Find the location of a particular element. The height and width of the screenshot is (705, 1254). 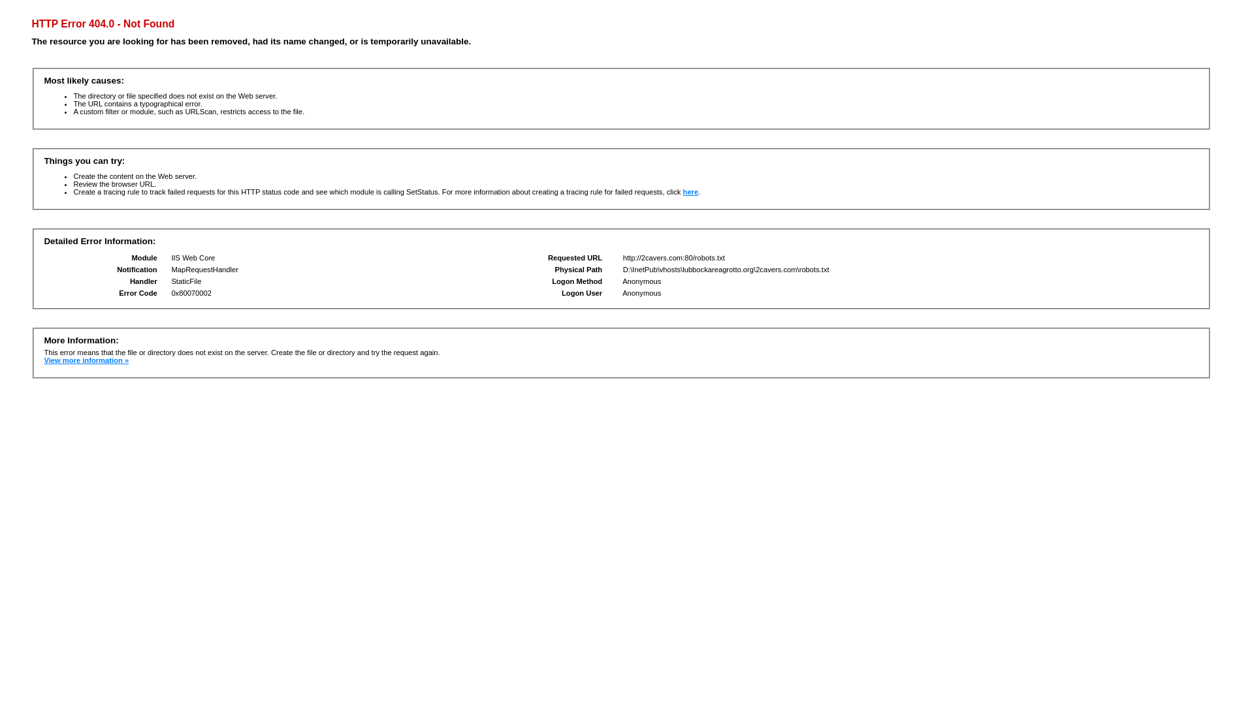

'here' is located at coordinates (683, 191).